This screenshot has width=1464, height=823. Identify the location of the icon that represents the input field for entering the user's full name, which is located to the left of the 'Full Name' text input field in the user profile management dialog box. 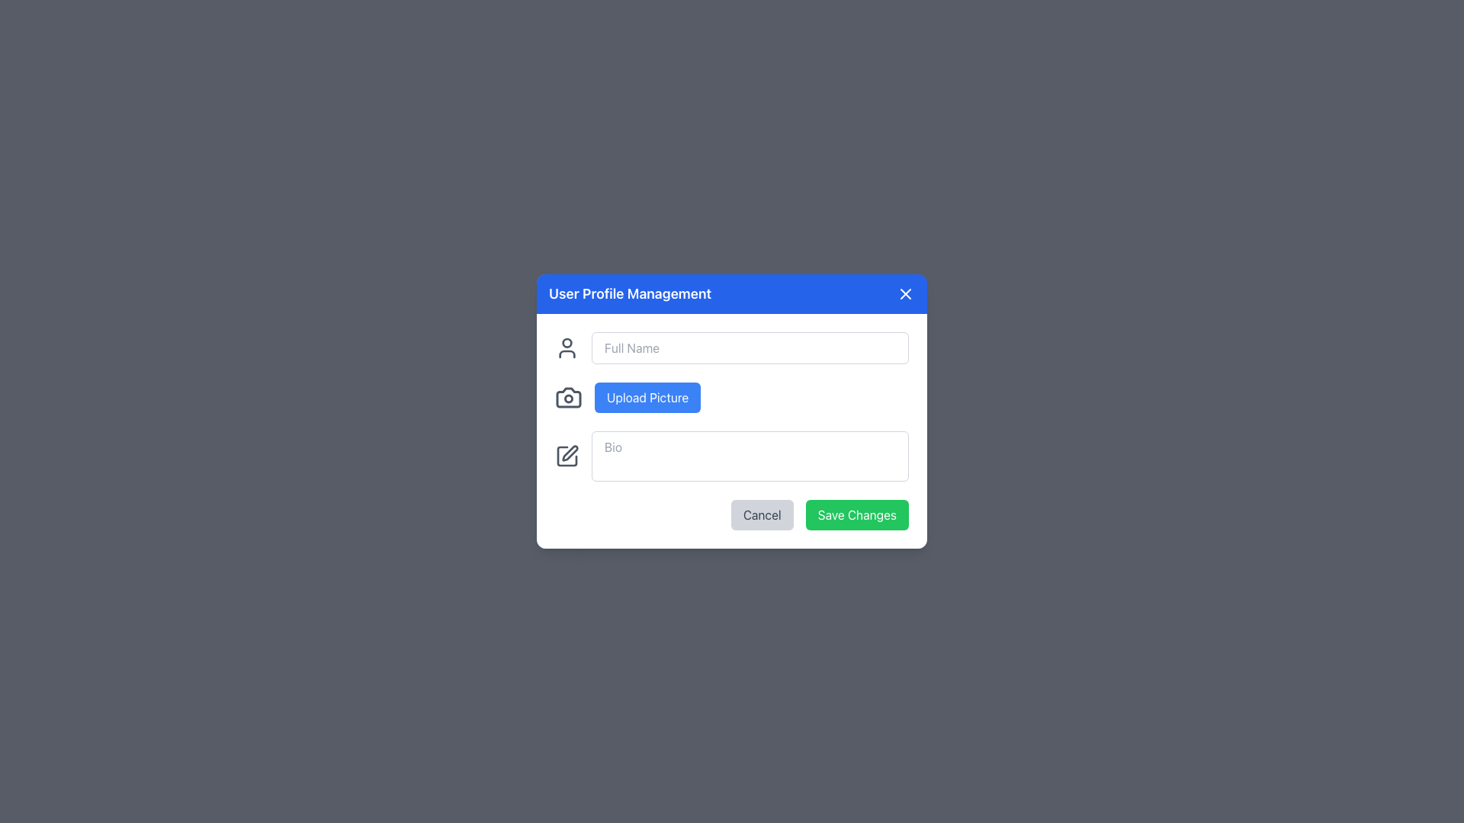
(567, 347).